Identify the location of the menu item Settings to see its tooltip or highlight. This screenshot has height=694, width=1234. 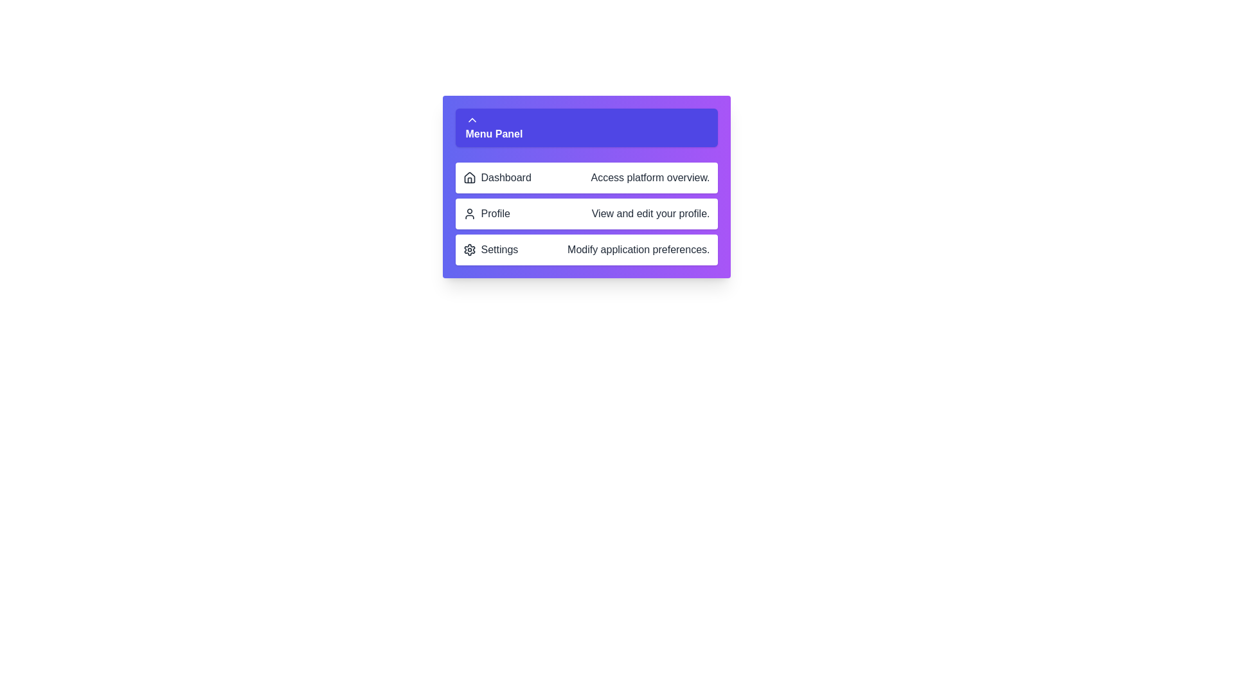
(586, 250).